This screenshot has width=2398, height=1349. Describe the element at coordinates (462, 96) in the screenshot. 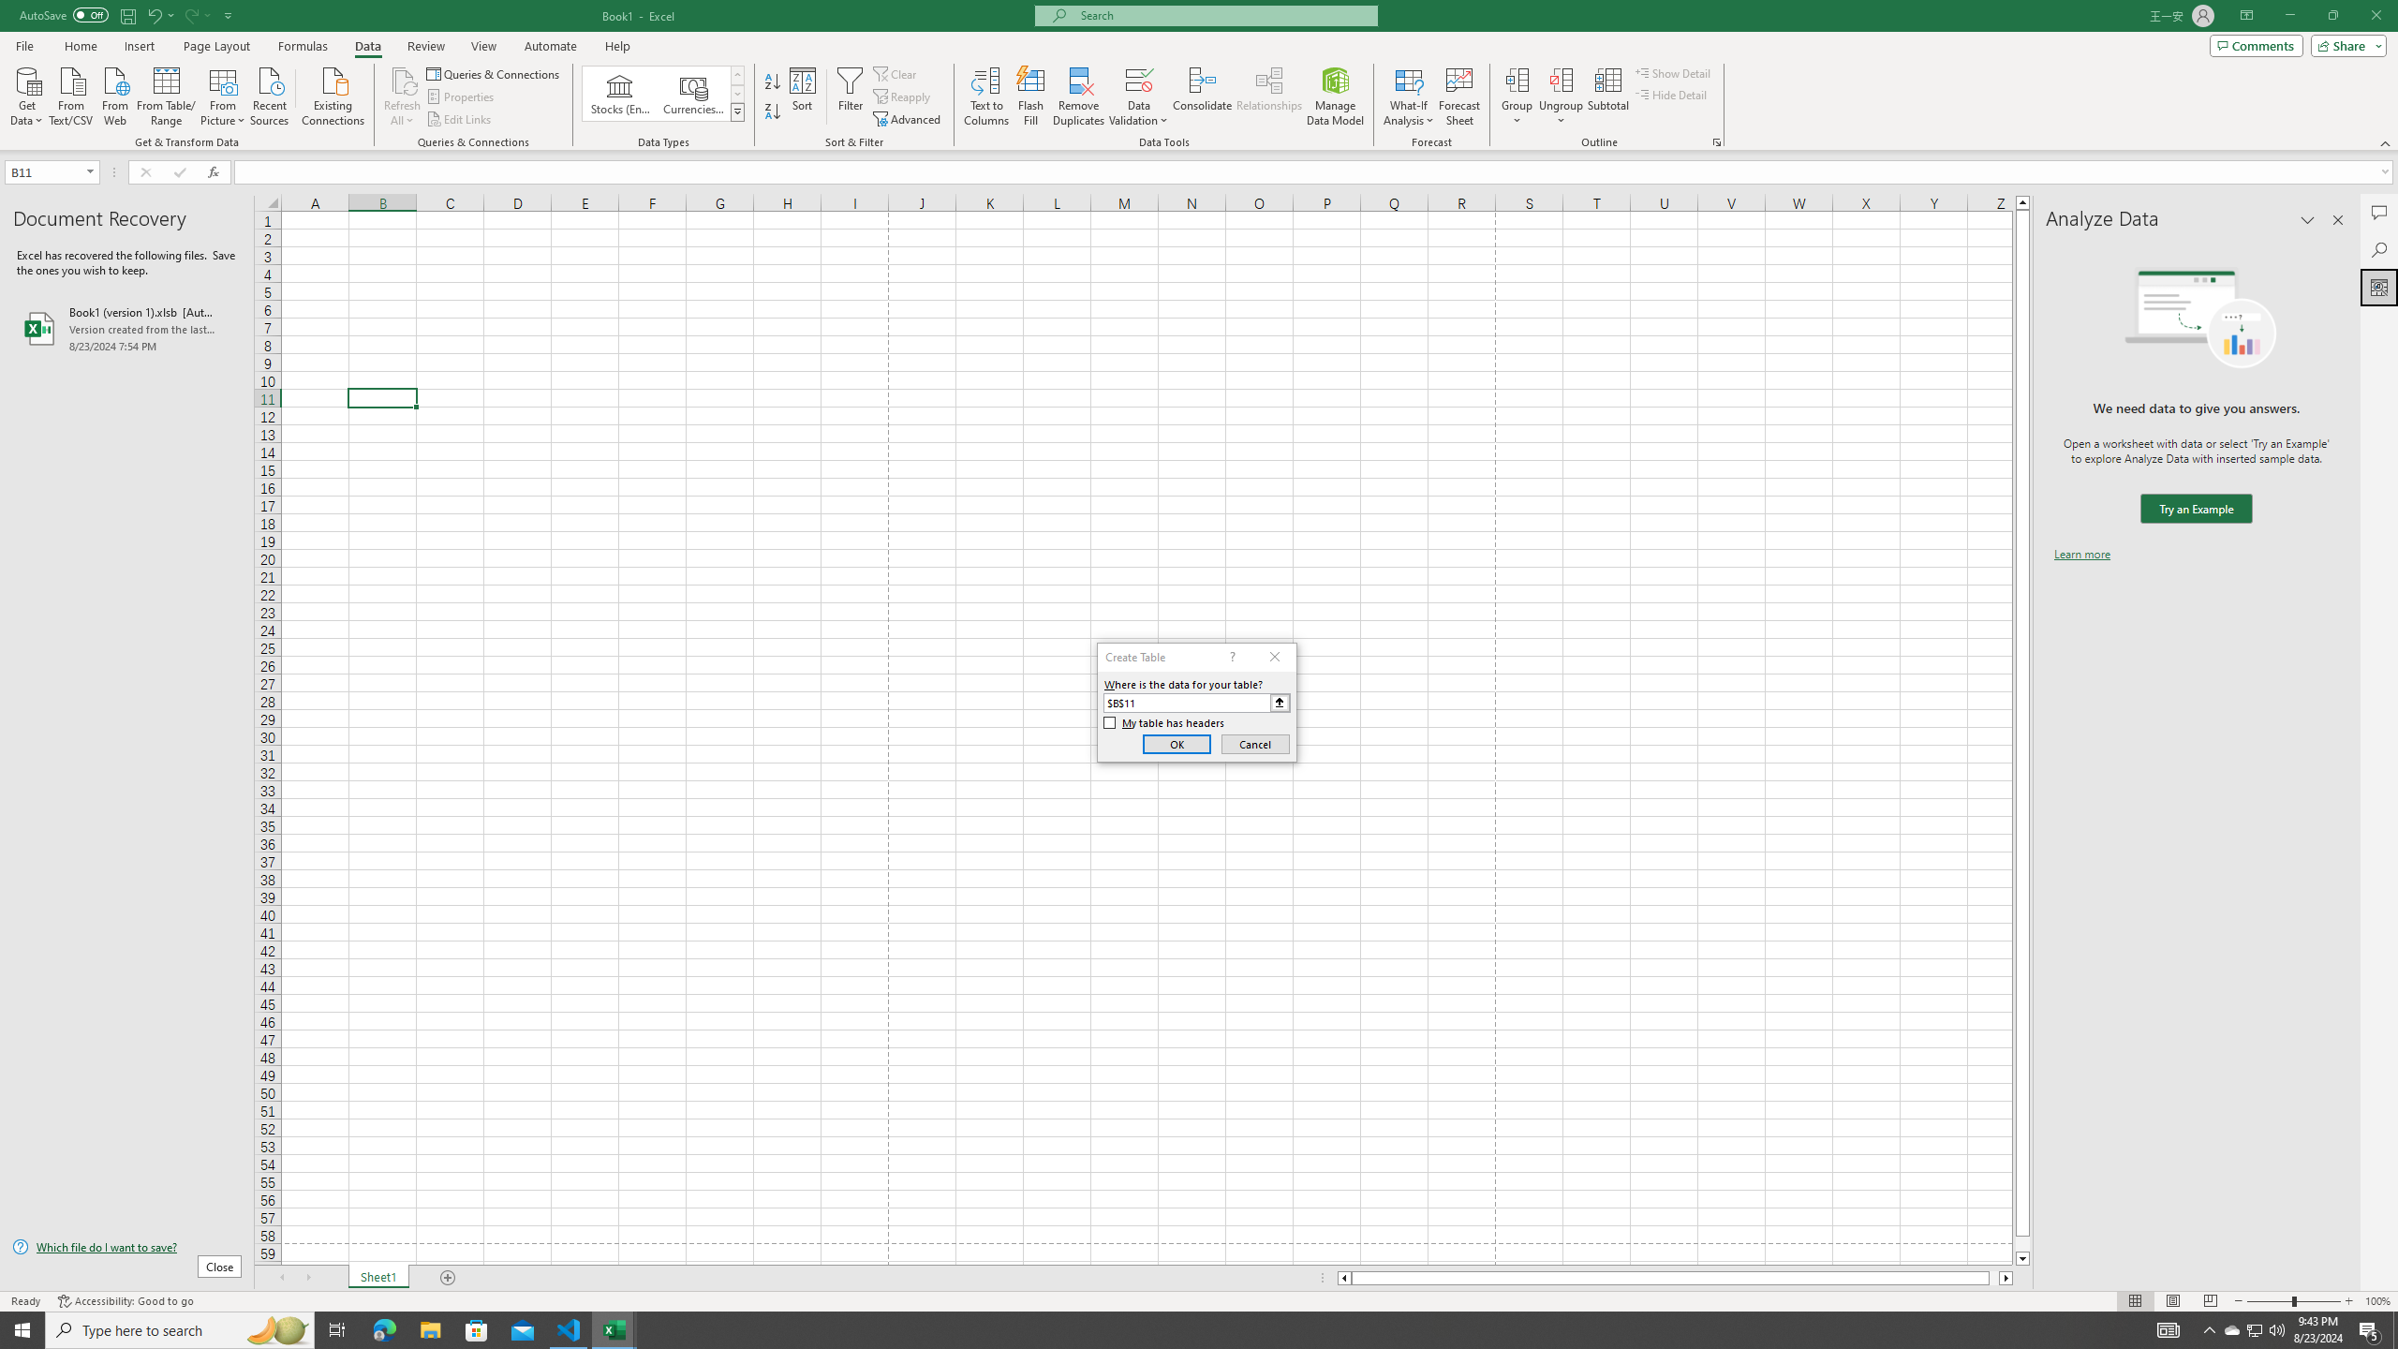

I see `'Properties'` at that location.